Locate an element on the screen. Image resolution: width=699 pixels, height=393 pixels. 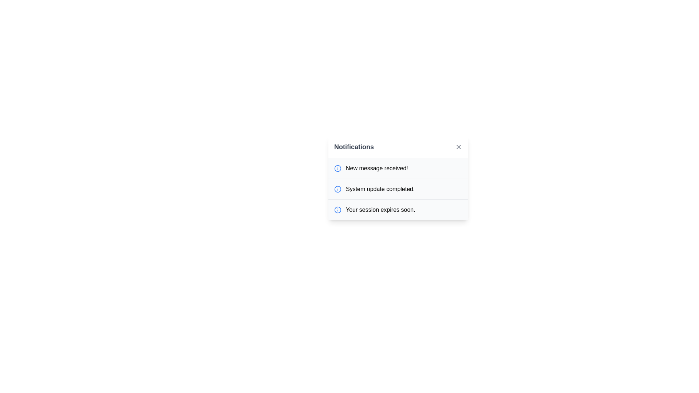
the first notification in the notification row which informs the user about a new message is located at coordinates (398, 168).